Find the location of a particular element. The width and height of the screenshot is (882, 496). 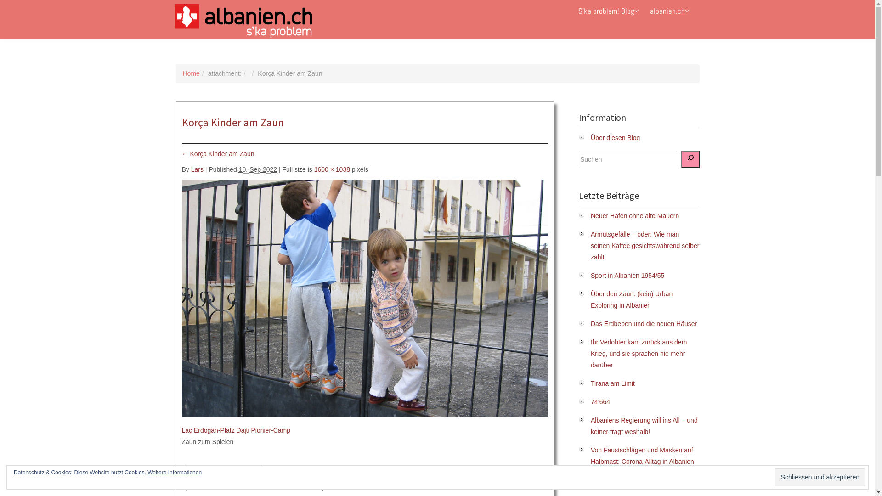

'Dajti Pionier-Camp' is located at coordinates (236, 430).